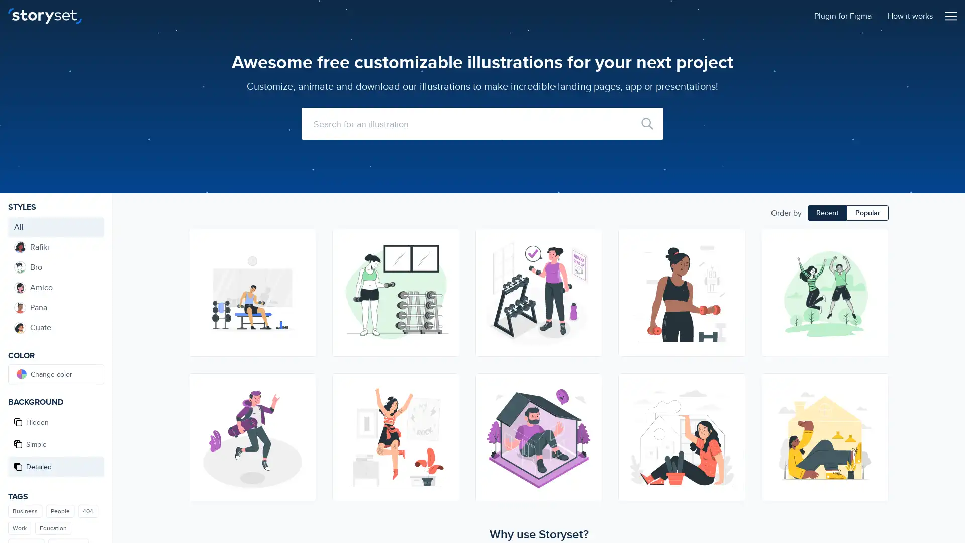  What do you see at coordinates (875, 421) in the screenshot?
I see `Pinterest icon Save` at bounding box center [875, 421].